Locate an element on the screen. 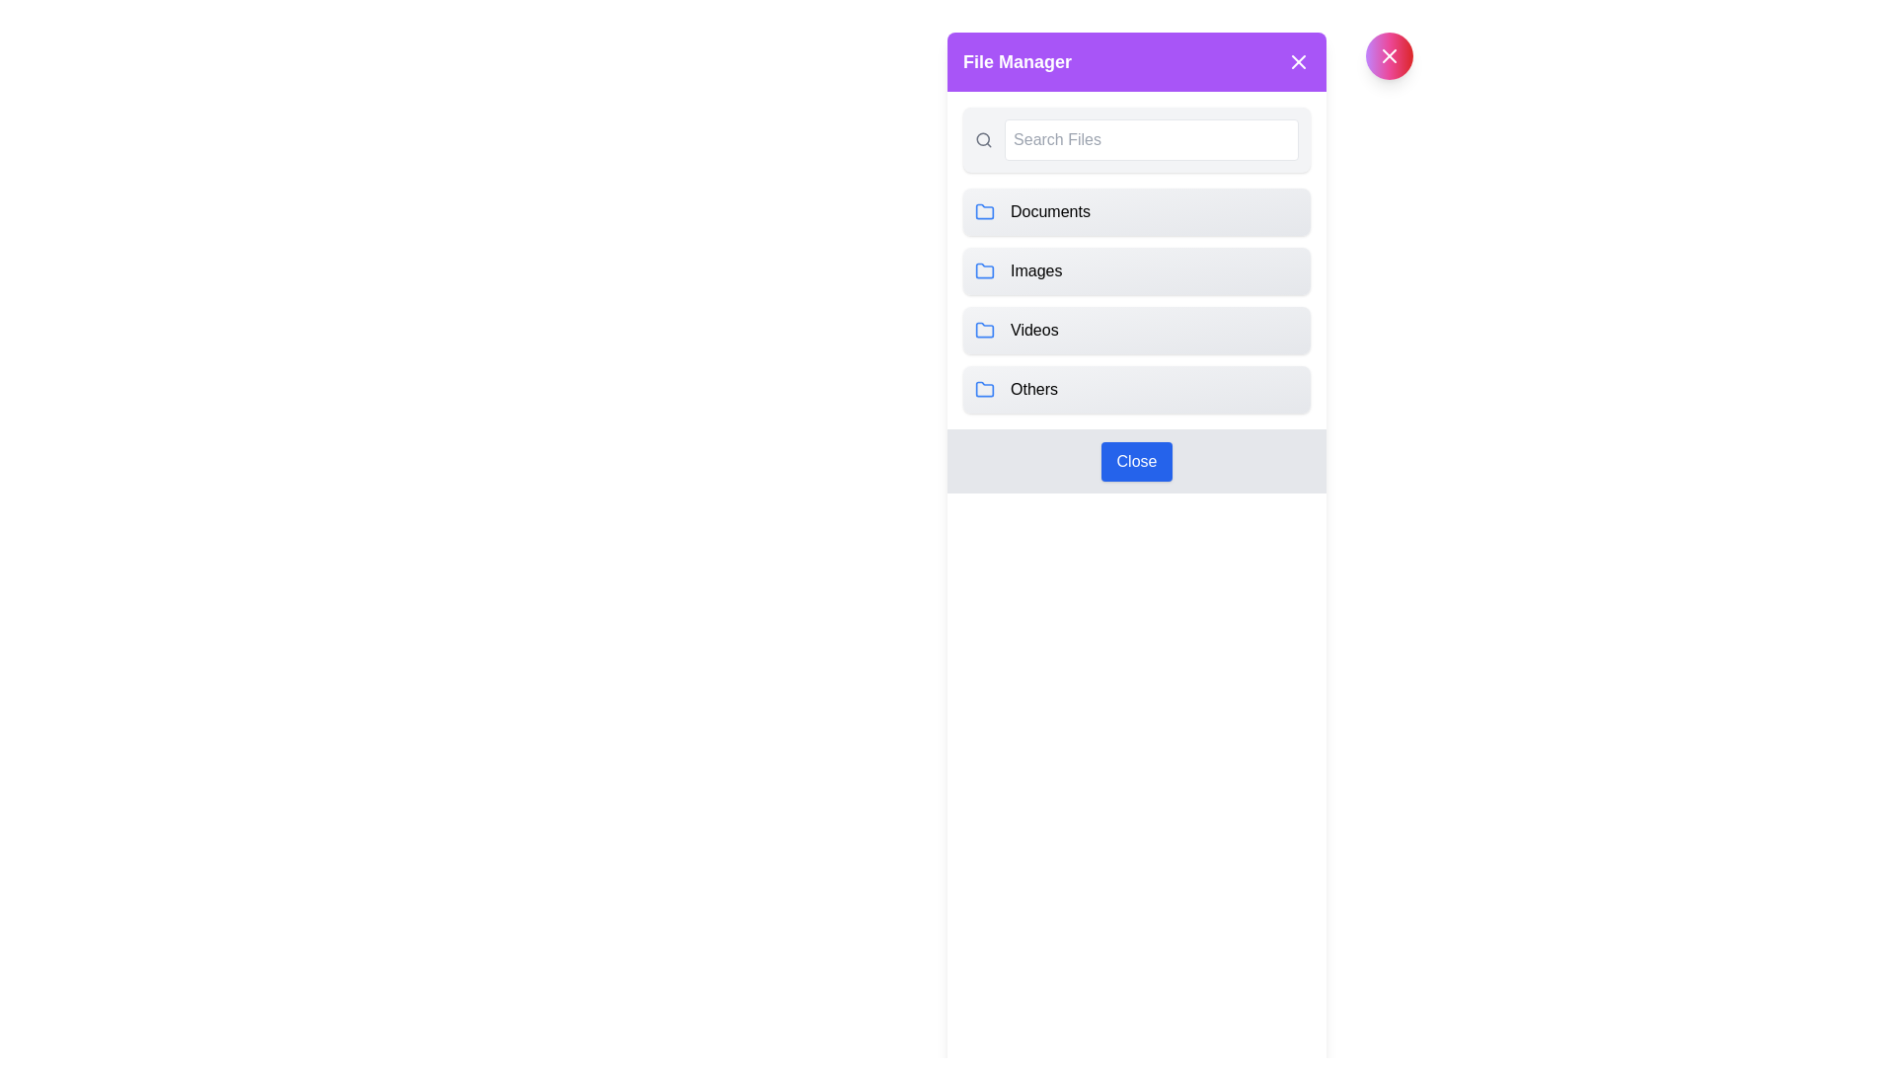  the 'Close' button, which is a rectangular button with a blue background and white text, located at the bottom section of the file manager interface is located at coordinates (1137, 461).